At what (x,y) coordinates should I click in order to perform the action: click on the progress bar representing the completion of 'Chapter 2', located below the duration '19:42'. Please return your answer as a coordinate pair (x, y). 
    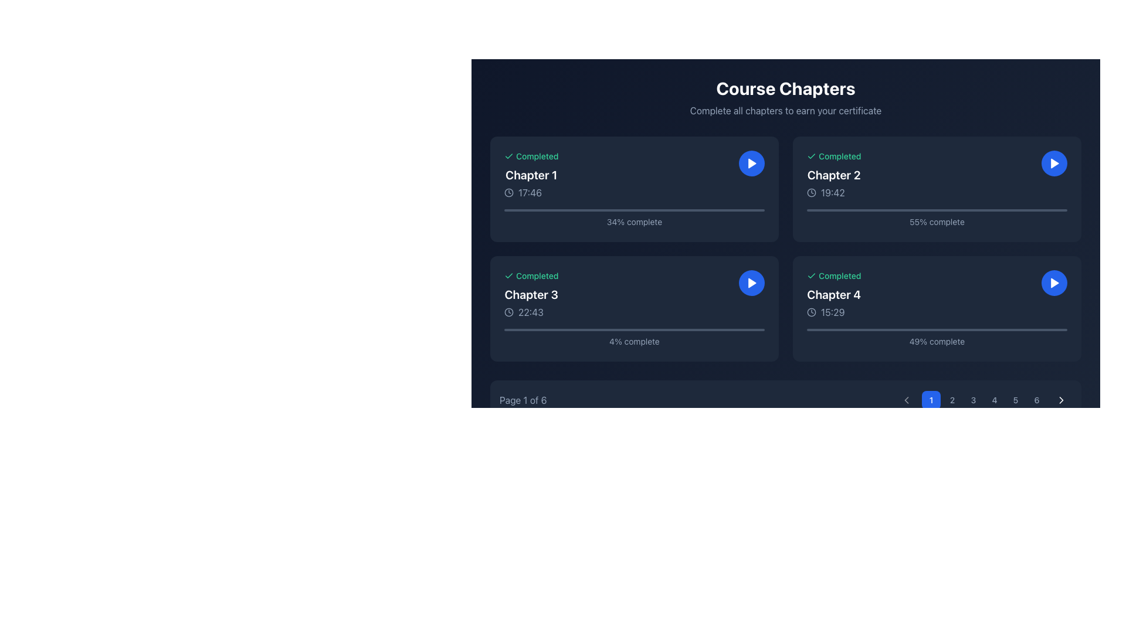
    Looking at the image, I should click on (937, 209).